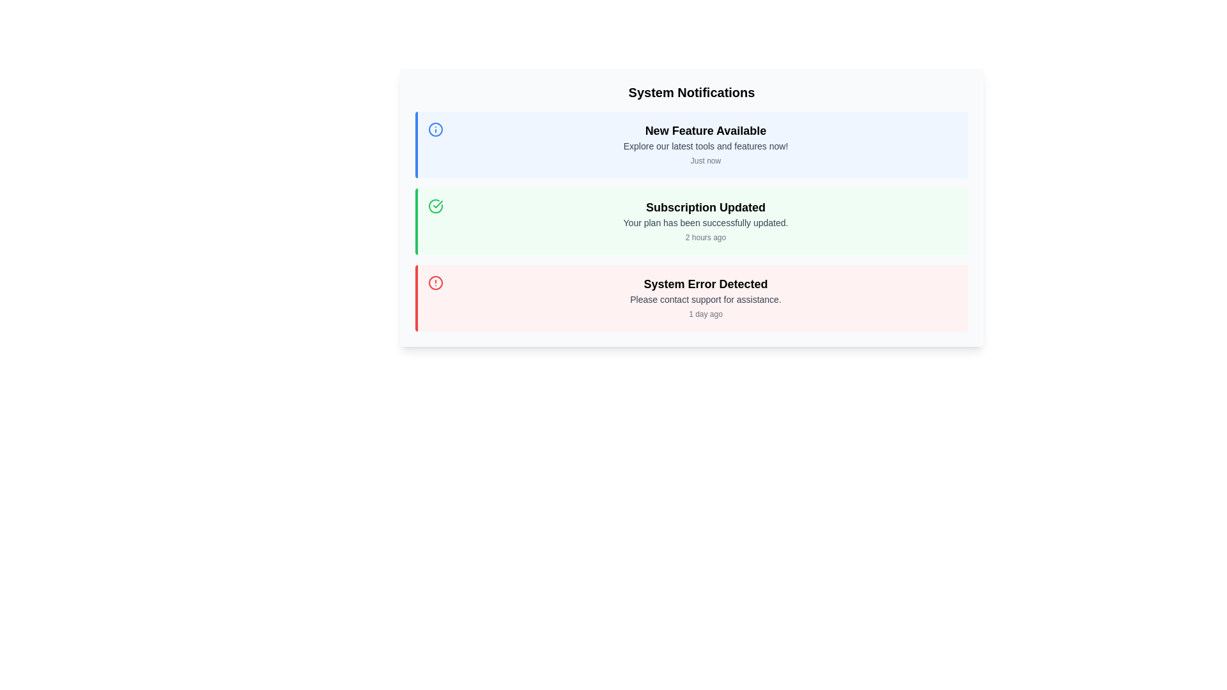 Image resolution: width=1227 pixels, height=690 pixels. I want to click on the outermost circular boundary of the 'info' icon indicating an alert or information related to the 'New Feature Available' notification, so click(435, 130).